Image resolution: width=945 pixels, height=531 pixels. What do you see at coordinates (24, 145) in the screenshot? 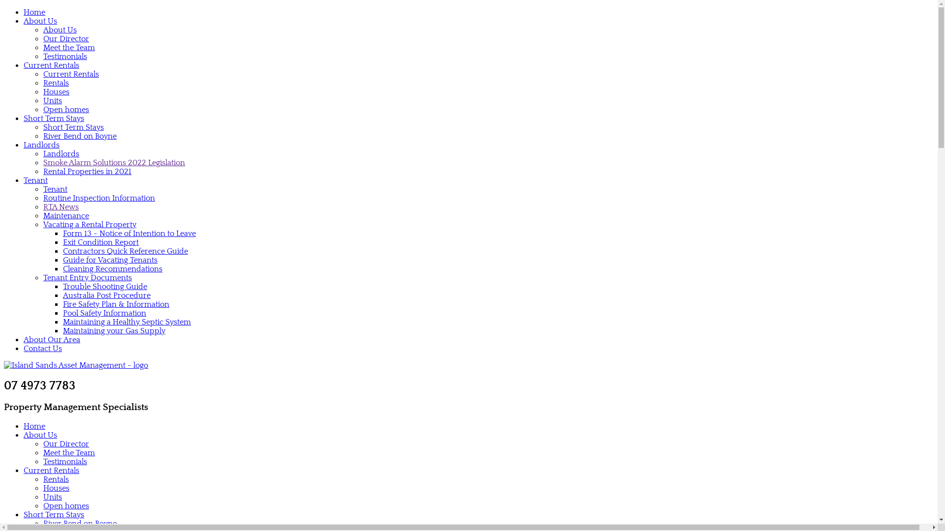
I see `'Landlords'` at bounding box center [24, 145].